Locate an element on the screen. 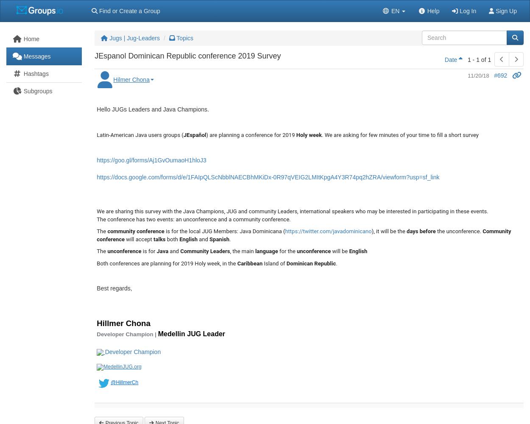  'Community Leaders' is located at coordinates (204, 251).